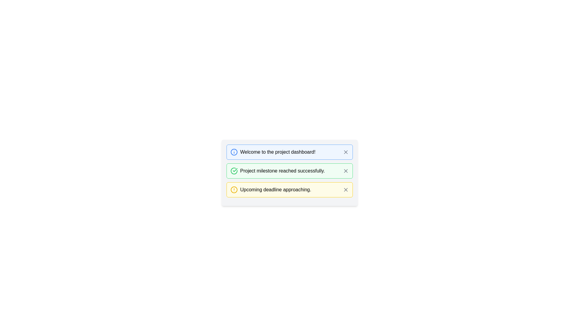  Describe the element at coordinates (234, 152) in the screenshot. I see `the Decorative icon that serves as a visual cue indicating supplementary information, located to the immediate left of the text 'Welcome to the project dashboard!'` at that location.